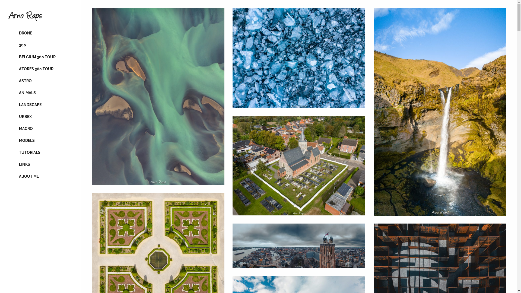 Image resolution: width=521 pixels, height=293 pixels. What do you see at coordinates (8, 57) in the screenshot?
I see `'BELGIUM 360 TOUR'` at bounding box center [8, 57].